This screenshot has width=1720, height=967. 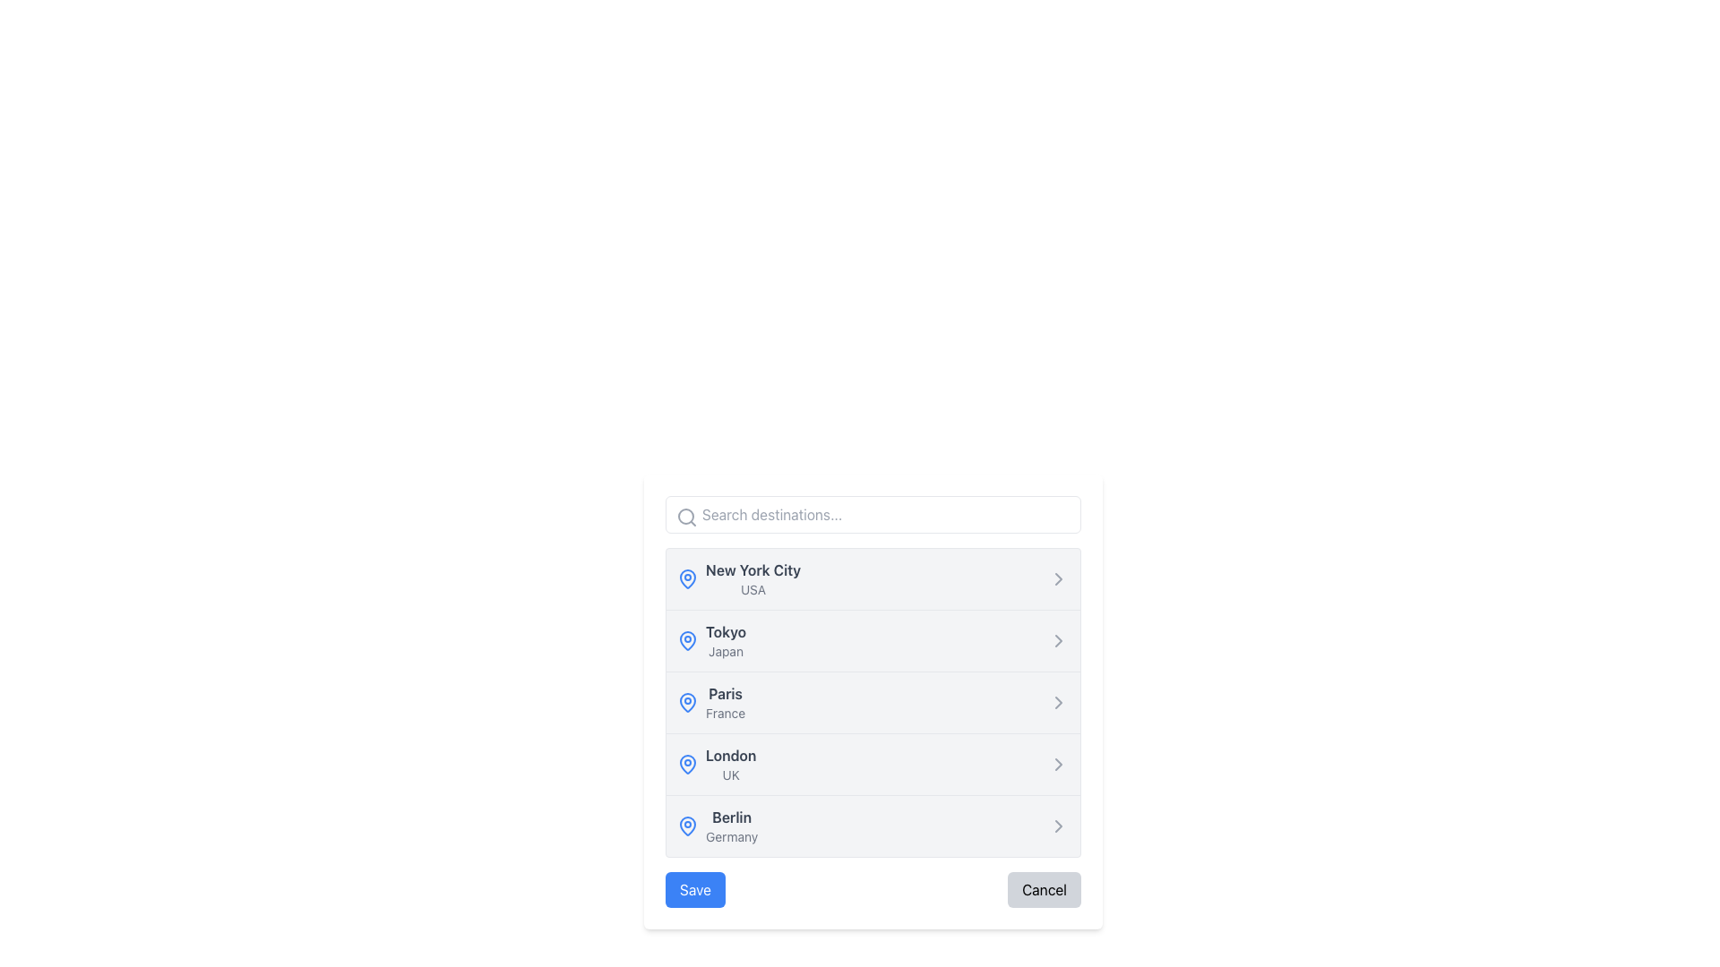 What do you see at coordinates (1058, 764) in the screenshot?
I see `the chevron icon indicating navigability for the 'London, UK' entry, located at the far right of the list` at bounding box center [1058, 764].